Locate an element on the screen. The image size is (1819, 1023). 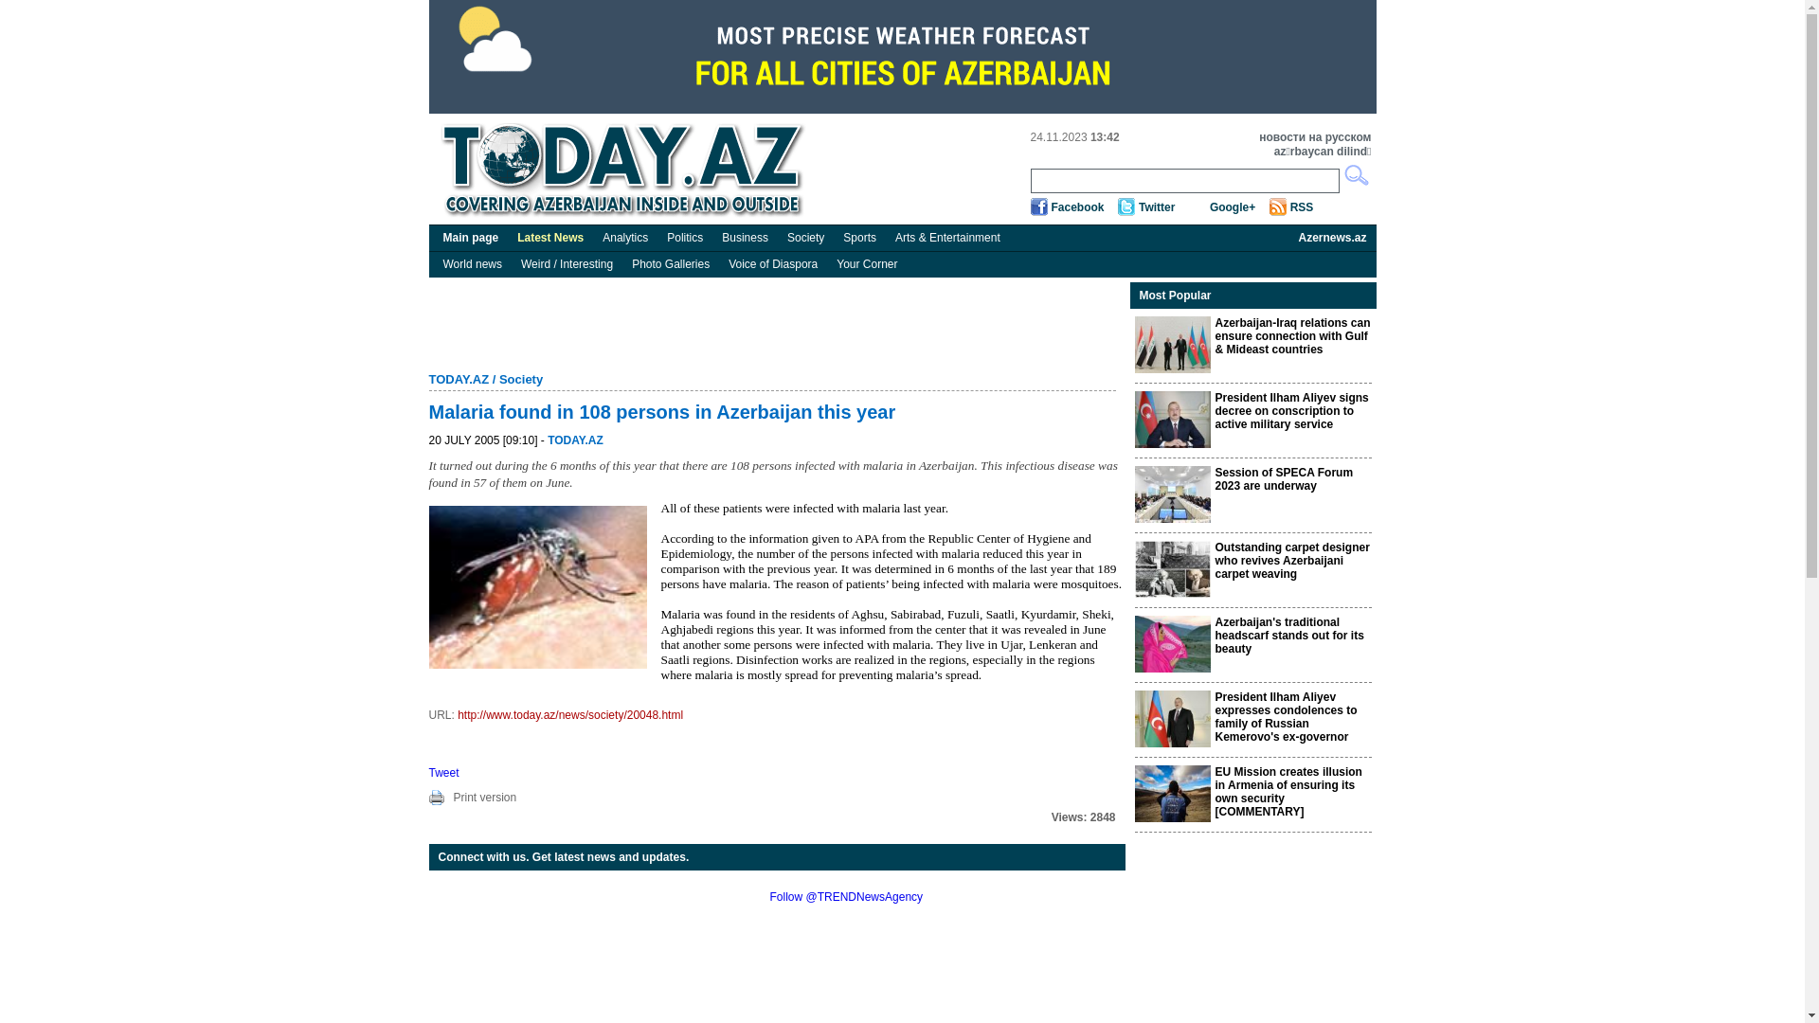
'Analytics' is located at coordinates (591, 236).